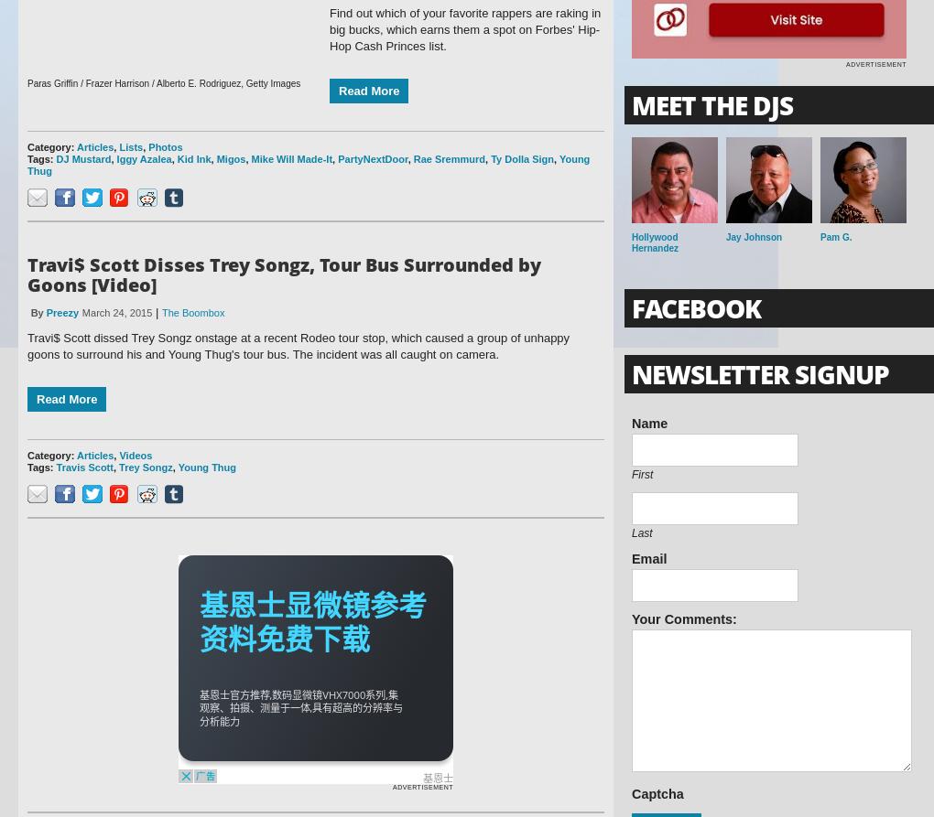 This screenshot has width=934, height=817. Describe the element at coordinates (641, 474) in the screenshot. I see `'First'` at that location.